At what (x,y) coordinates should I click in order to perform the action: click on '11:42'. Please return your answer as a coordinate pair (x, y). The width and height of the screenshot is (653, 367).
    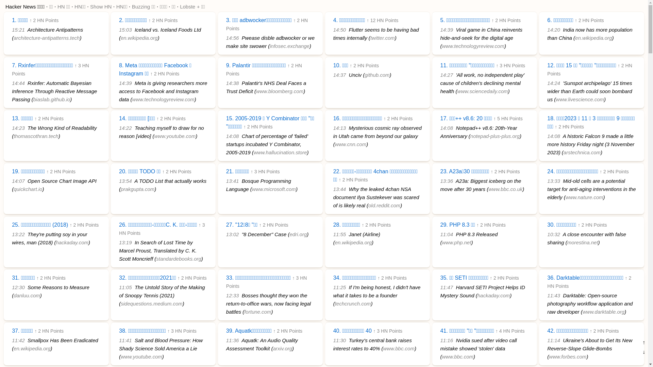
    Looking at the image, I should click on (12, 340).